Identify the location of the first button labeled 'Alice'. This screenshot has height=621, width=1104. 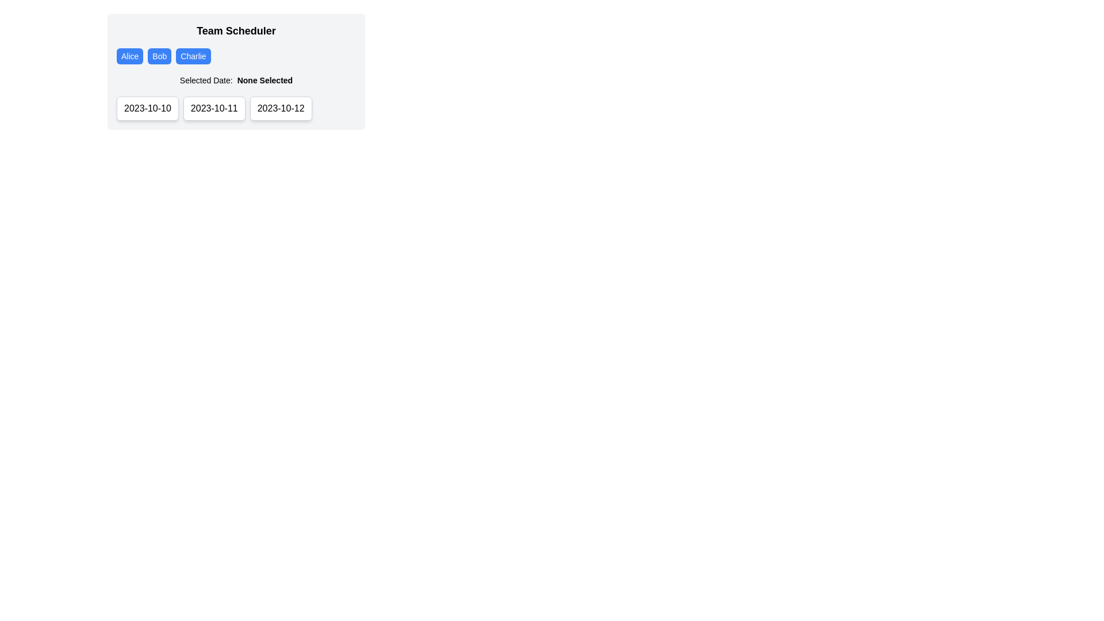
(129, 56).